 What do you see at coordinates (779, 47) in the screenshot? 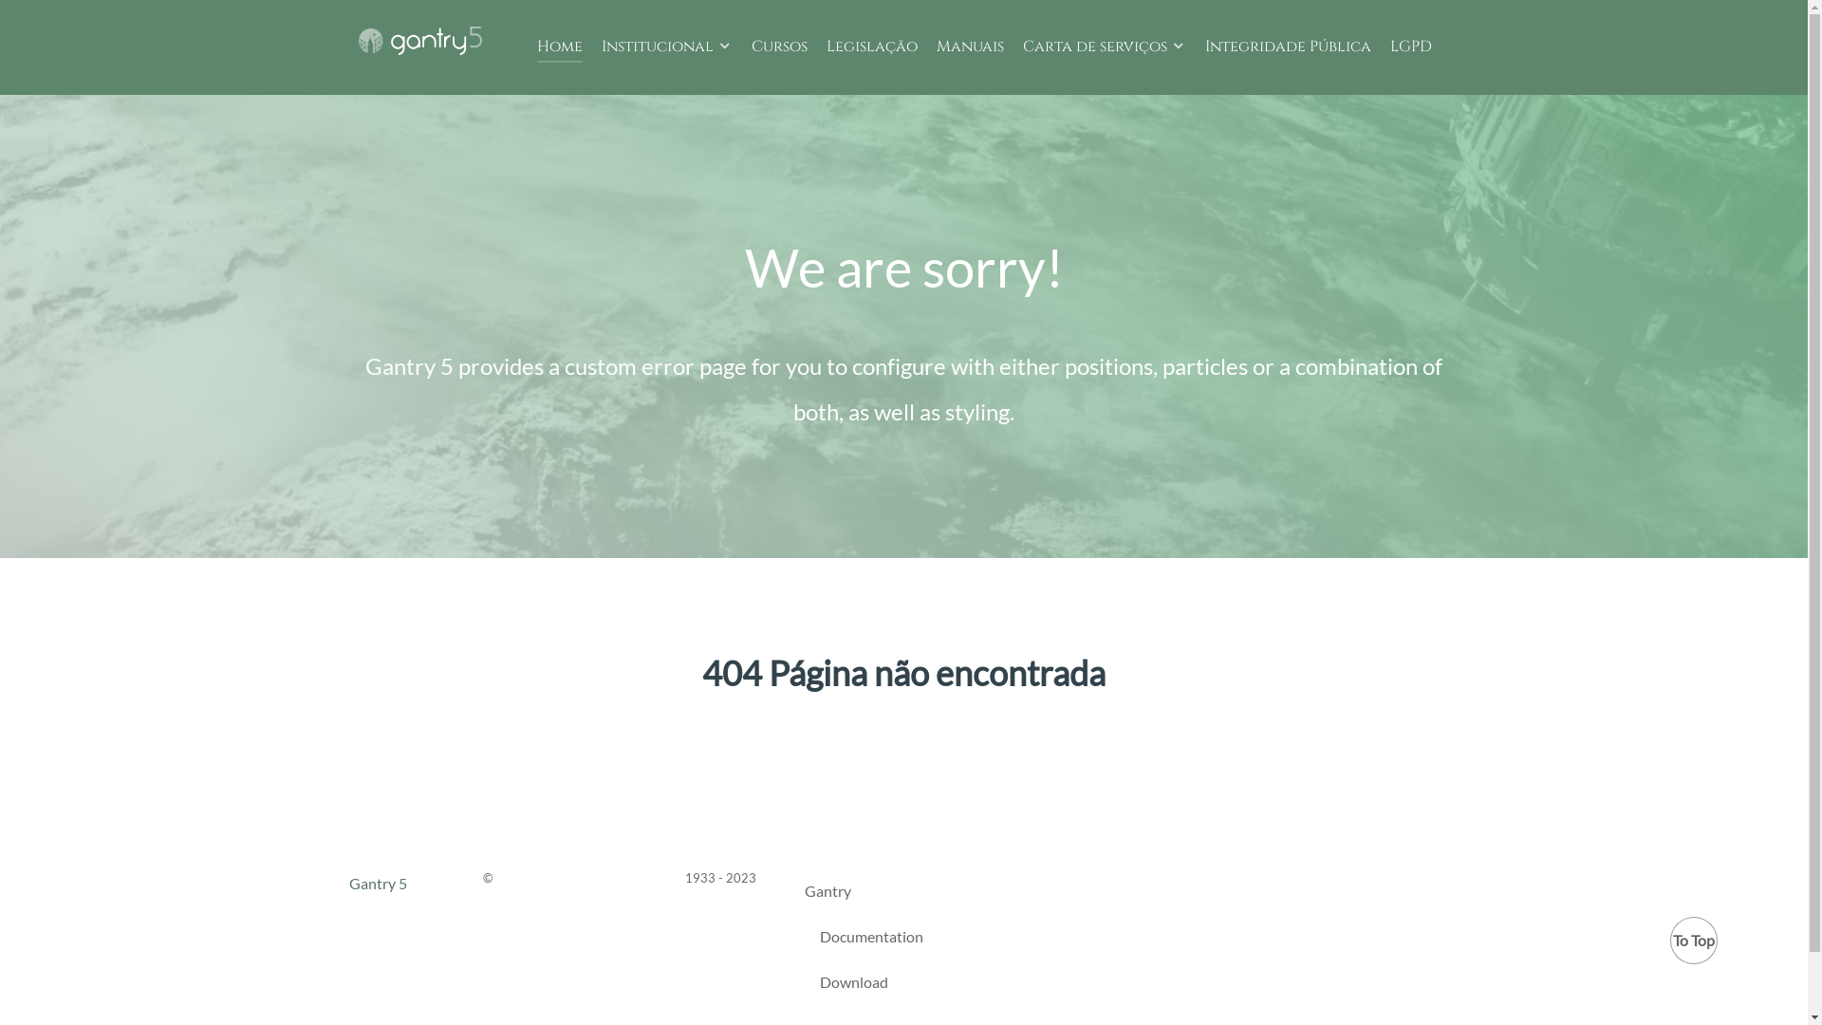
I see `'Cursos'` at bounding box center [779, 47].